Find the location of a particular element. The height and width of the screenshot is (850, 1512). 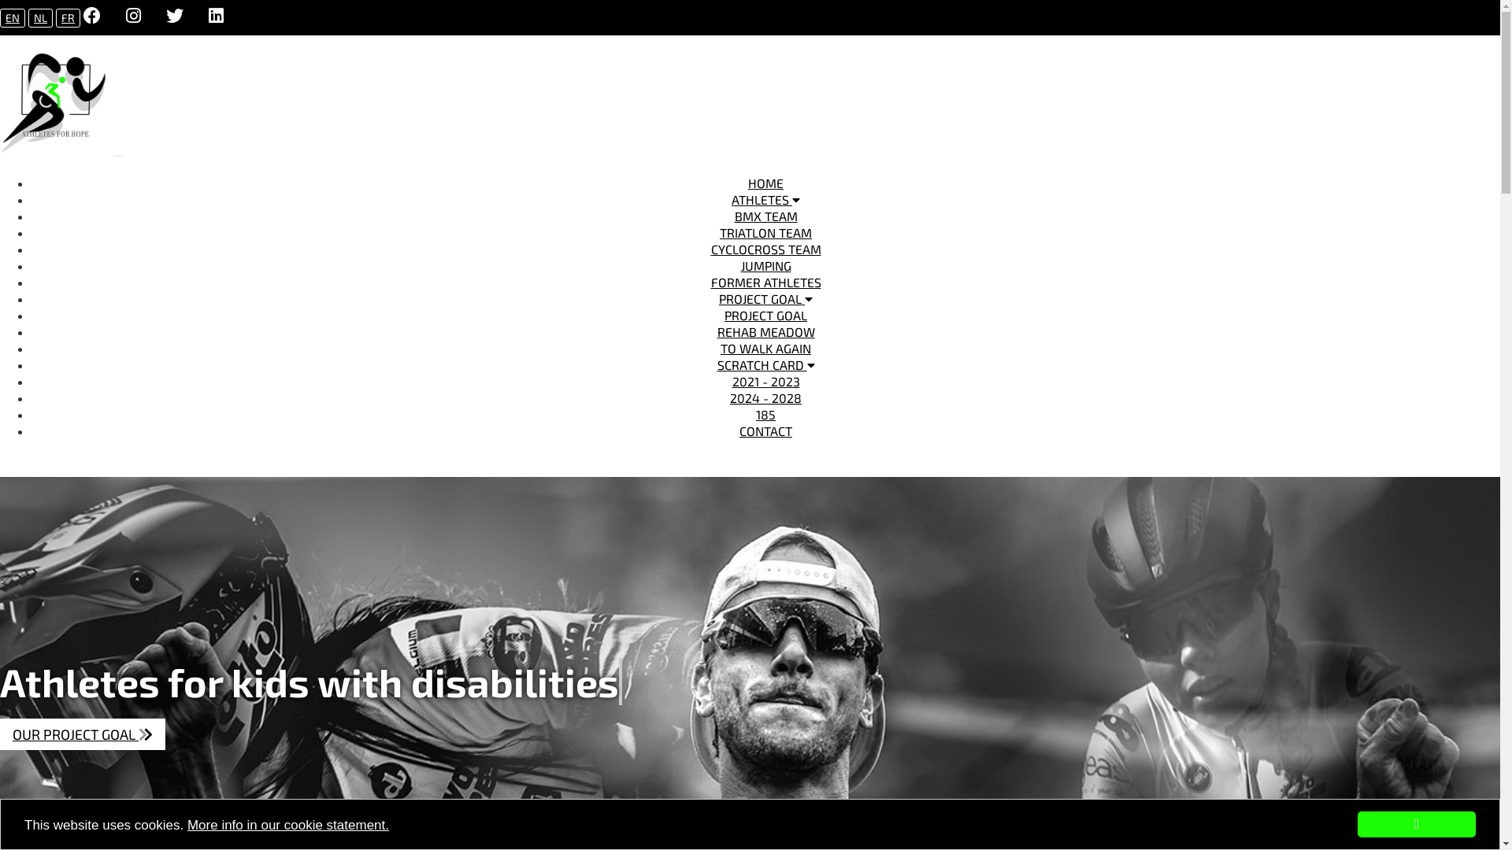

'TRIATLON TEAM' is located at coordinates (765, 232).